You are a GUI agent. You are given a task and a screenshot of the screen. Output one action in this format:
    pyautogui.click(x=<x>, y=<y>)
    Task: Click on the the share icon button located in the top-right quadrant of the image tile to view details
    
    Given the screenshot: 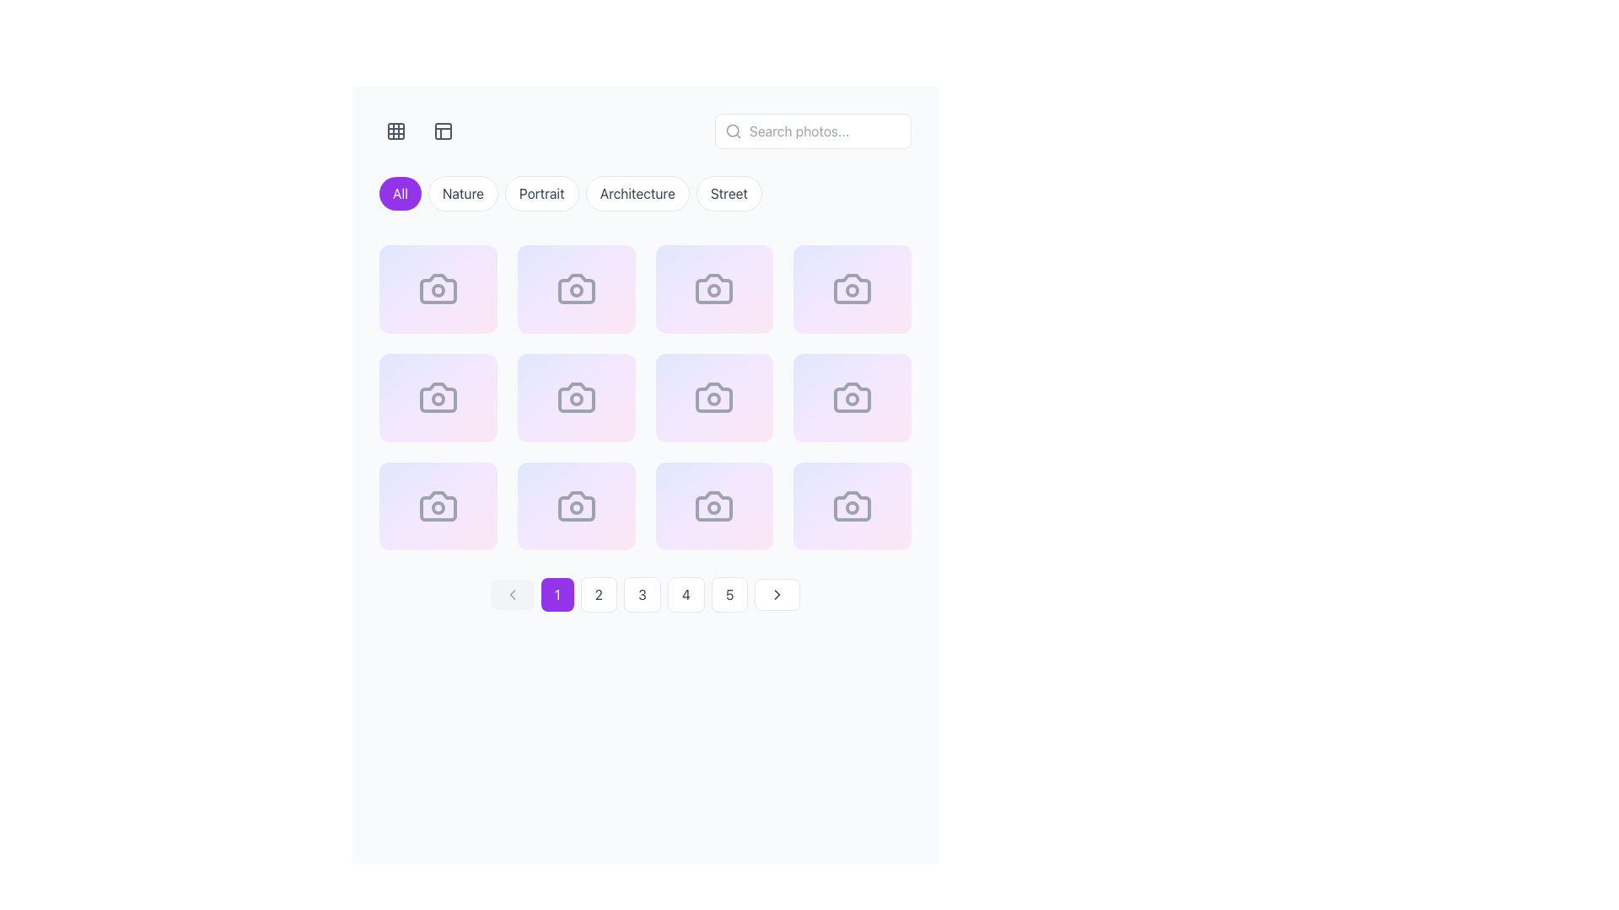 What is the action you would take?
    pyautogui.click(x=722, y=305)
    